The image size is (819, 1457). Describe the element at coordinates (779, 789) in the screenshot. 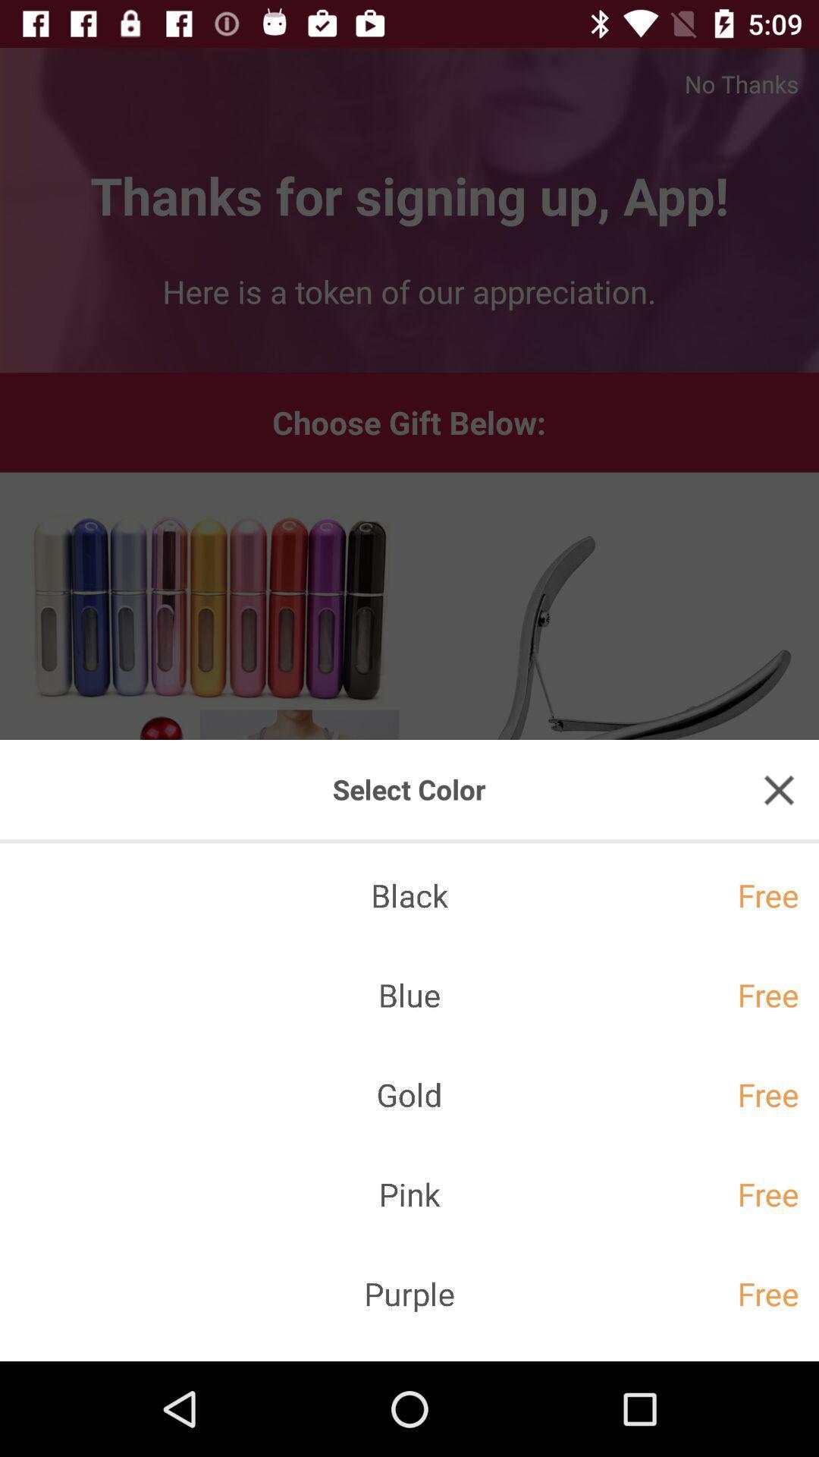

I see `menu` at that location.